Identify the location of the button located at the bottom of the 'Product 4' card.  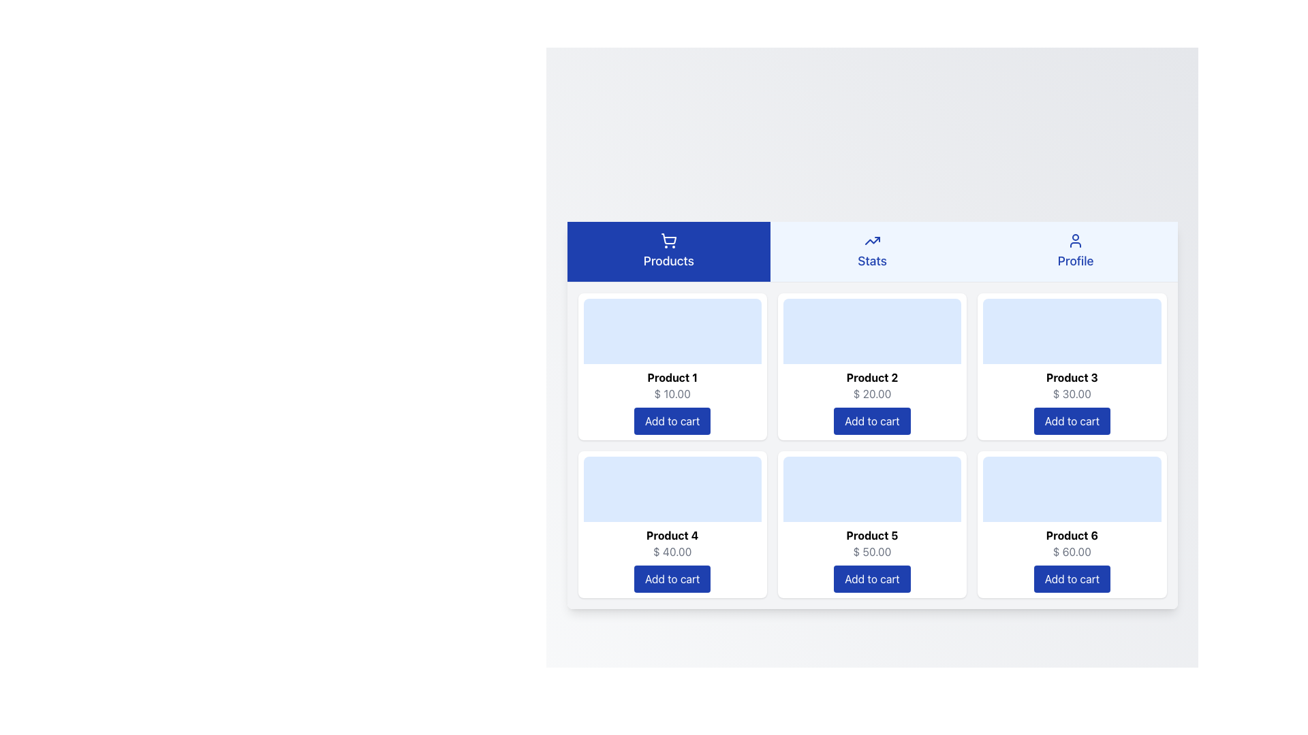
(672, 578).